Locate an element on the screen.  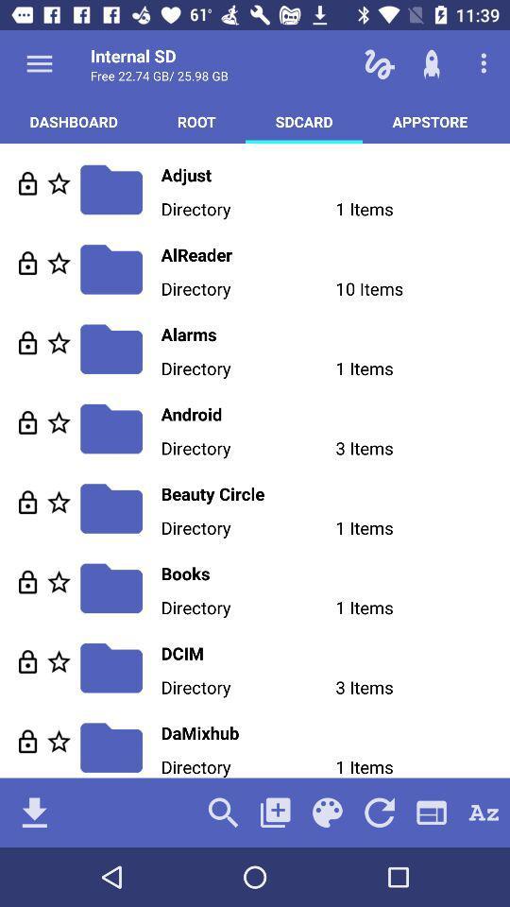
lock the folder is located at coordinates (26, 661).